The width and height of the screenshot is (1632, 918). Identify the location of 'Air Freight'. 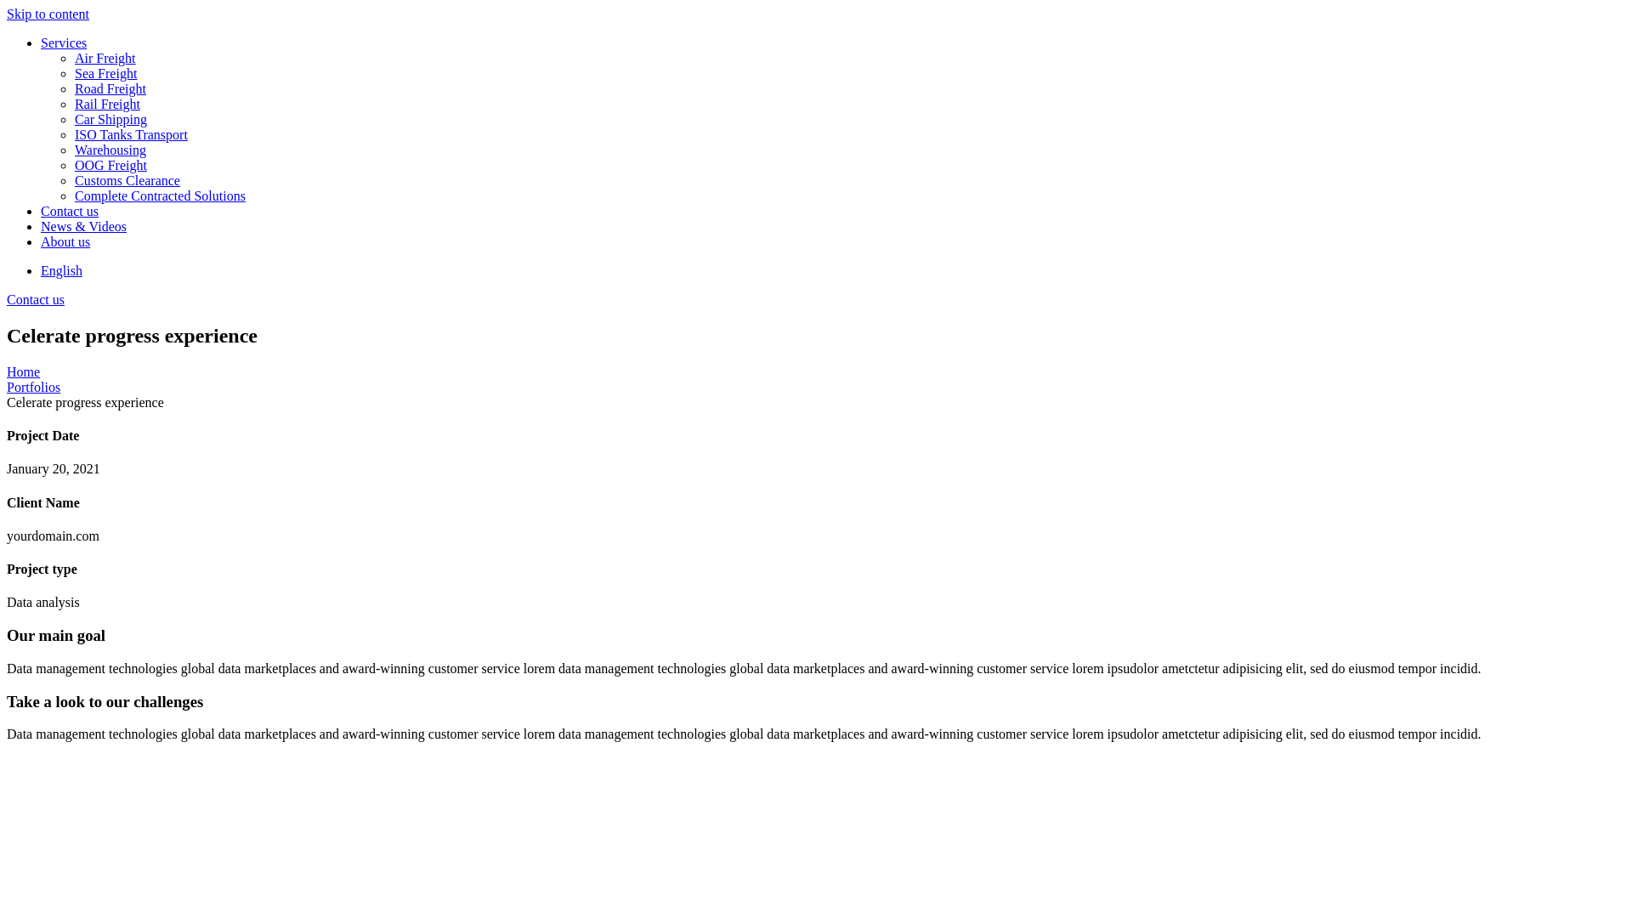
(73, 58).